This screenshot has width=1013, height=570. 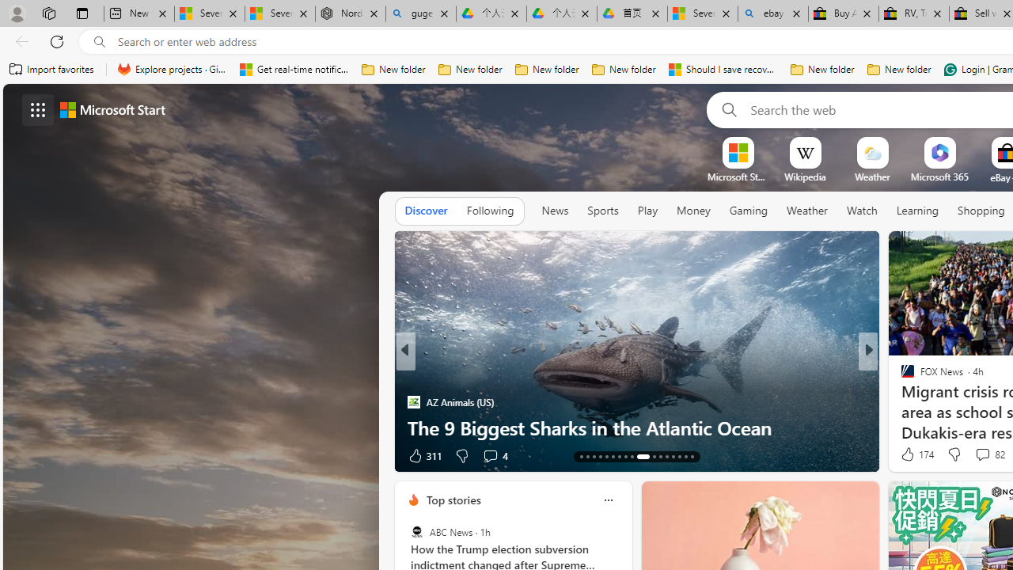 I want to click on 'Like', so click(x=902, y=455).